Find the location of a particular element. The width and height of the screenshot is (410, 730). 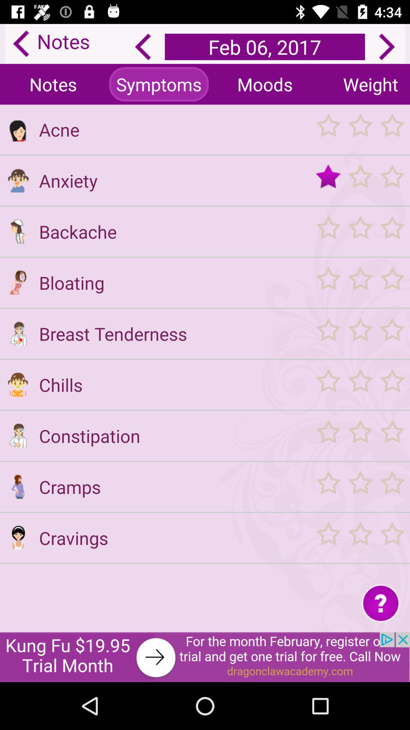

symptom constipation icon is located at coordinates (17, 436).